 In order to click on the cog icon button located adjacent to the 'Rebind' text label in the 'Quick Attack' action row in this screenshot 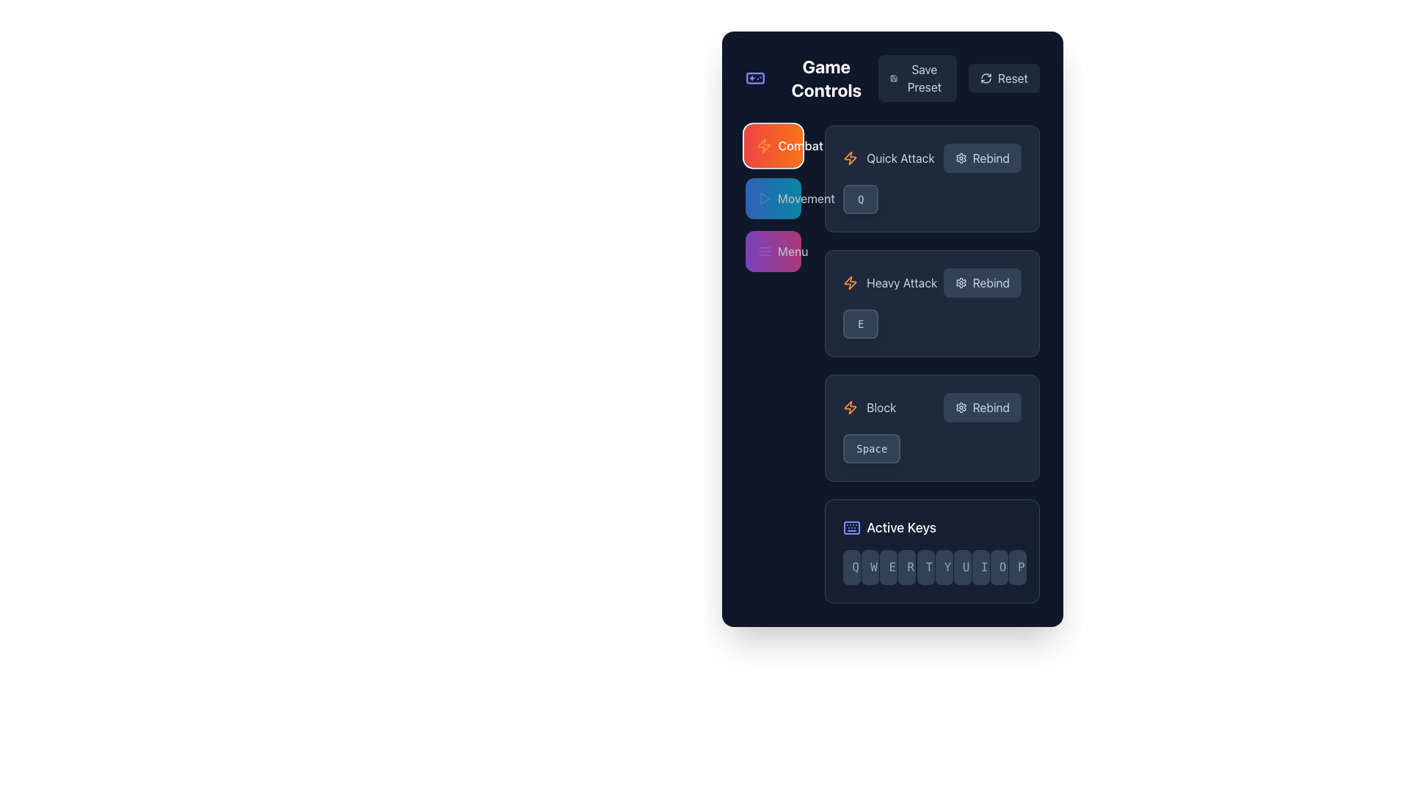, I will do `click(961, 158)`.